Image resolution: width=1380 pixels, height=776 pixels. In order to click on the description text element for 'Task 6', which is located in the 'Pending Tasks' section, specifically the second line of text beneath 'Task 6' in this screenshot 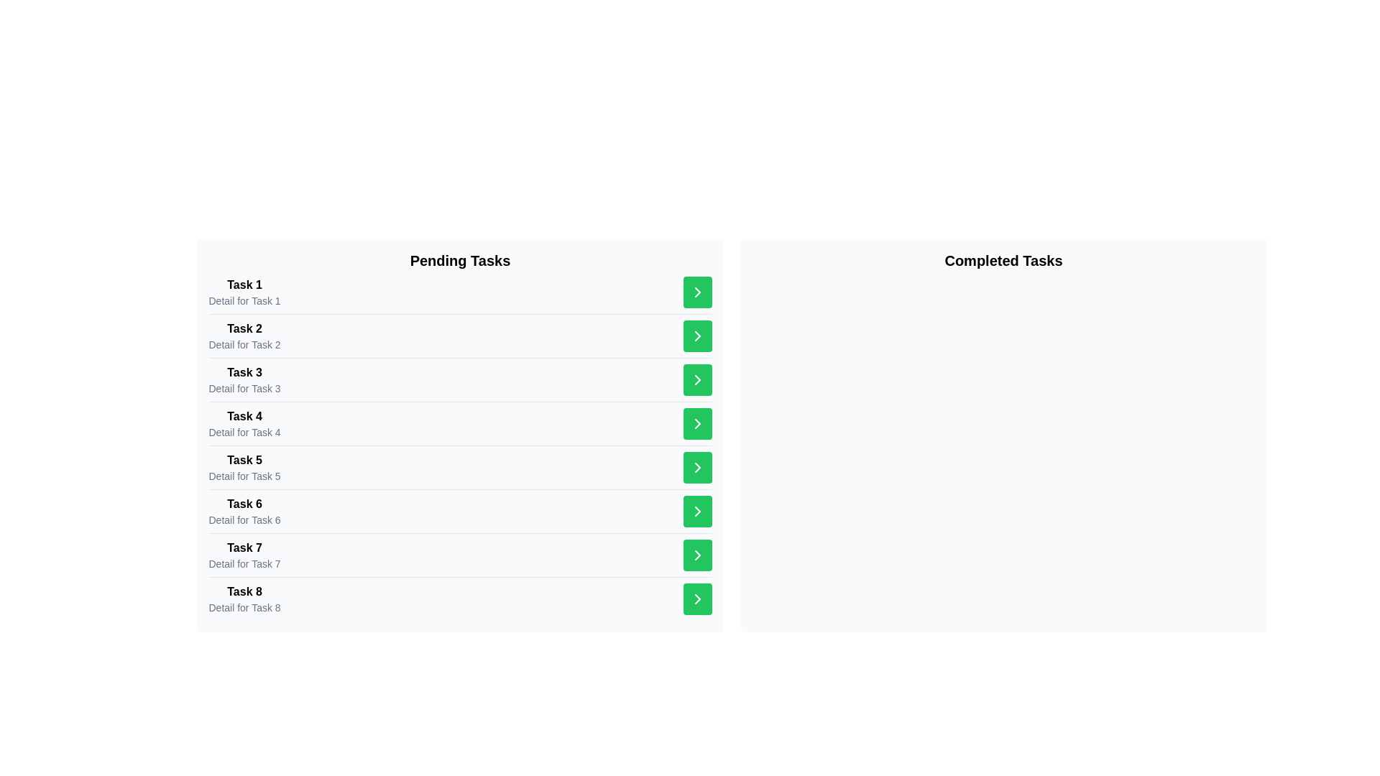, I will do `click(244, 520)`.